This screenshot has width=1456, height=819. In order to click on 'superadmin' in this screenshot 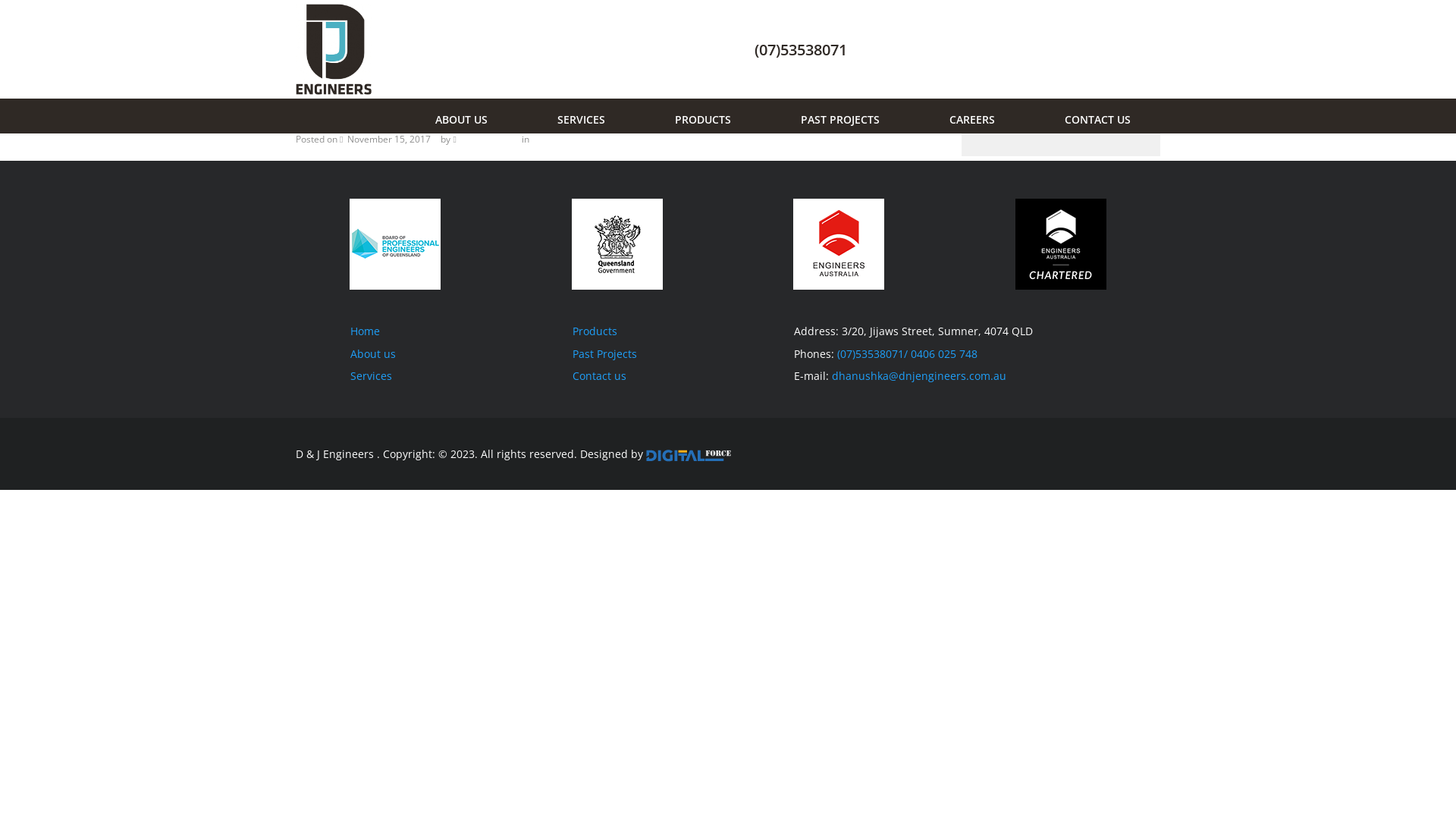, I will do `click(486, 139)`.